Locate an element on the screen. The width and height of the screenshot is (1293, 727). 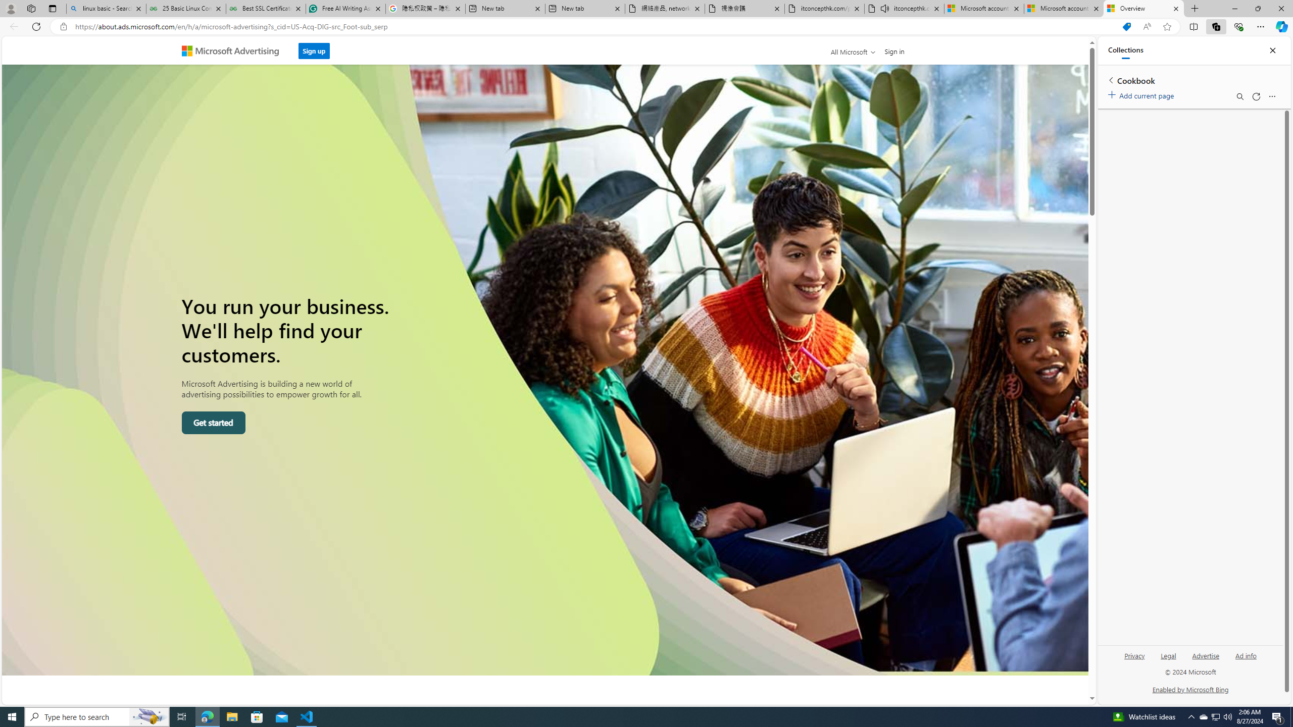
'itconcepthk.com/projector_solutions.mp4 - Audio playing' is located at coordinates (904, 8).